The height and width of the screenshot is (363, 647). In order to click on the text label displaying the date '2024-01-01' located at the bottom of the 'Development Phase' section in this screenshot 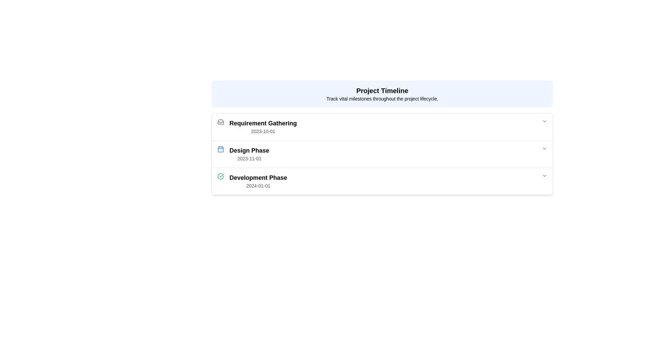, I will do `click(258, 186)`.